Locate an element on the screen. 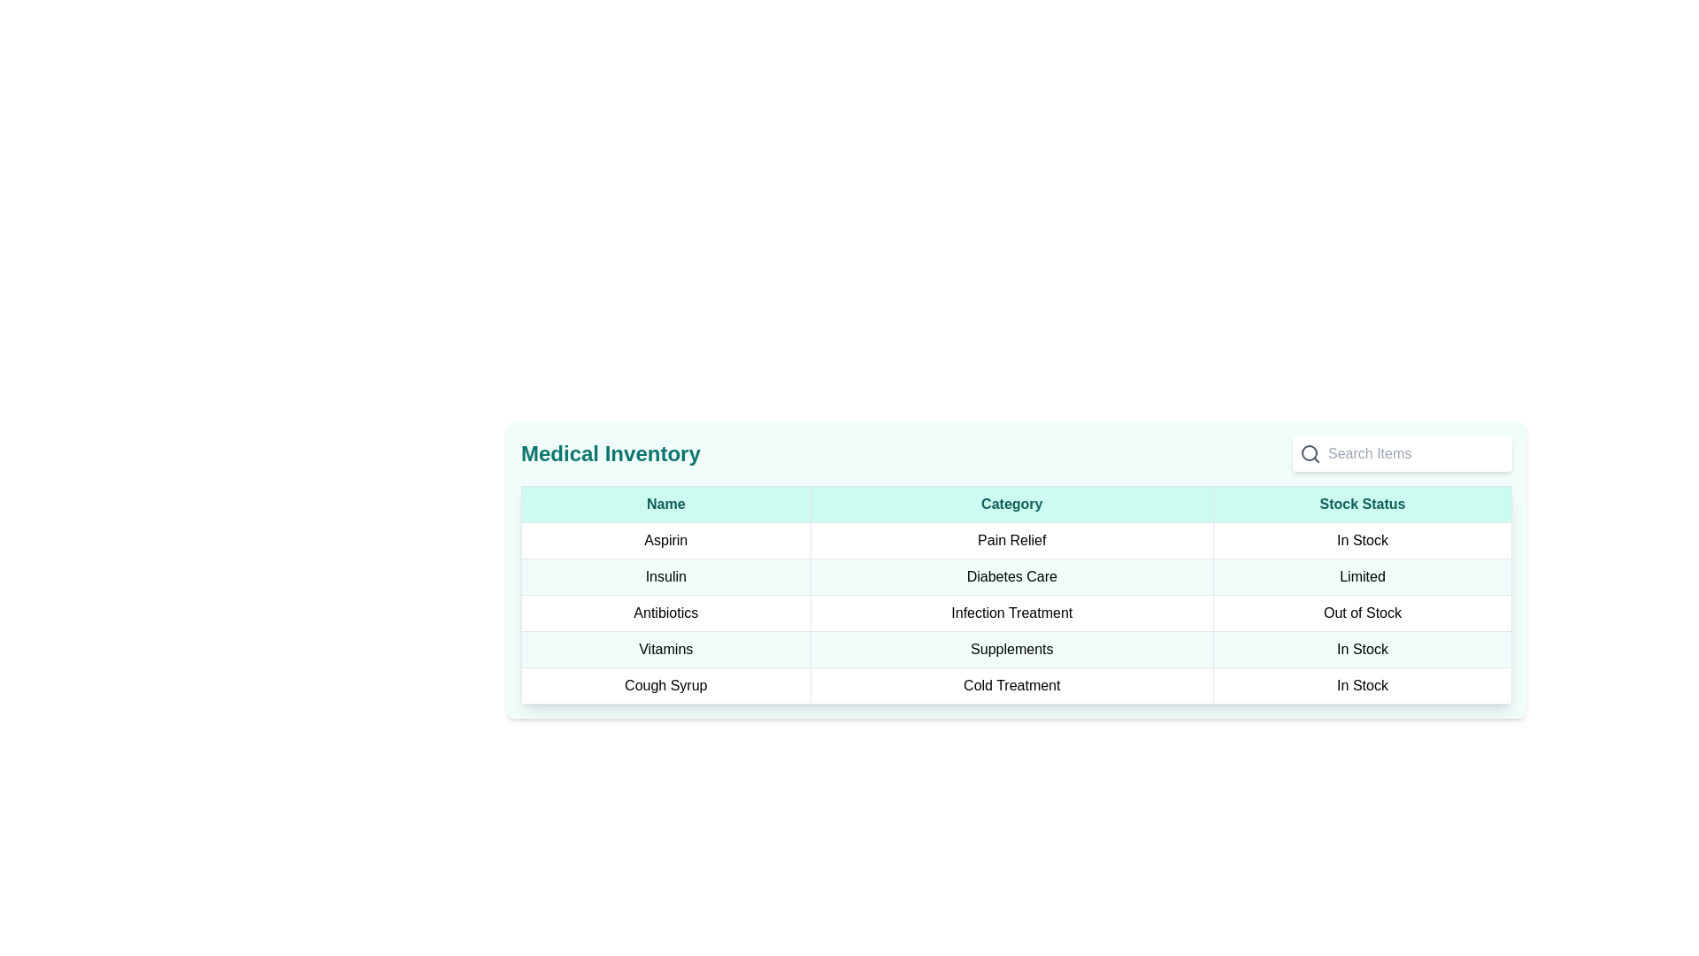 Image resolution: width=1699 pixels, height=956 pixels. the third row of the inventory table, which represents 'Antibiotics' and indicates 'Out of Stock' is located at coordinates (1016, 613).